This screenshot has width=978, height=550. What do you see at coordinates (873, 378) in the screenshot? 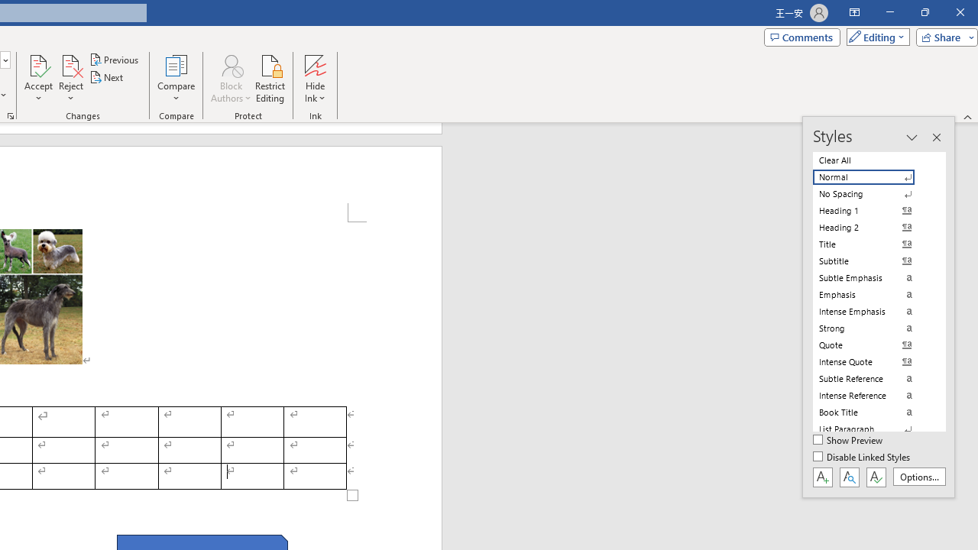
I see `'Subtle Reference'` at bounding box center [873, 378].